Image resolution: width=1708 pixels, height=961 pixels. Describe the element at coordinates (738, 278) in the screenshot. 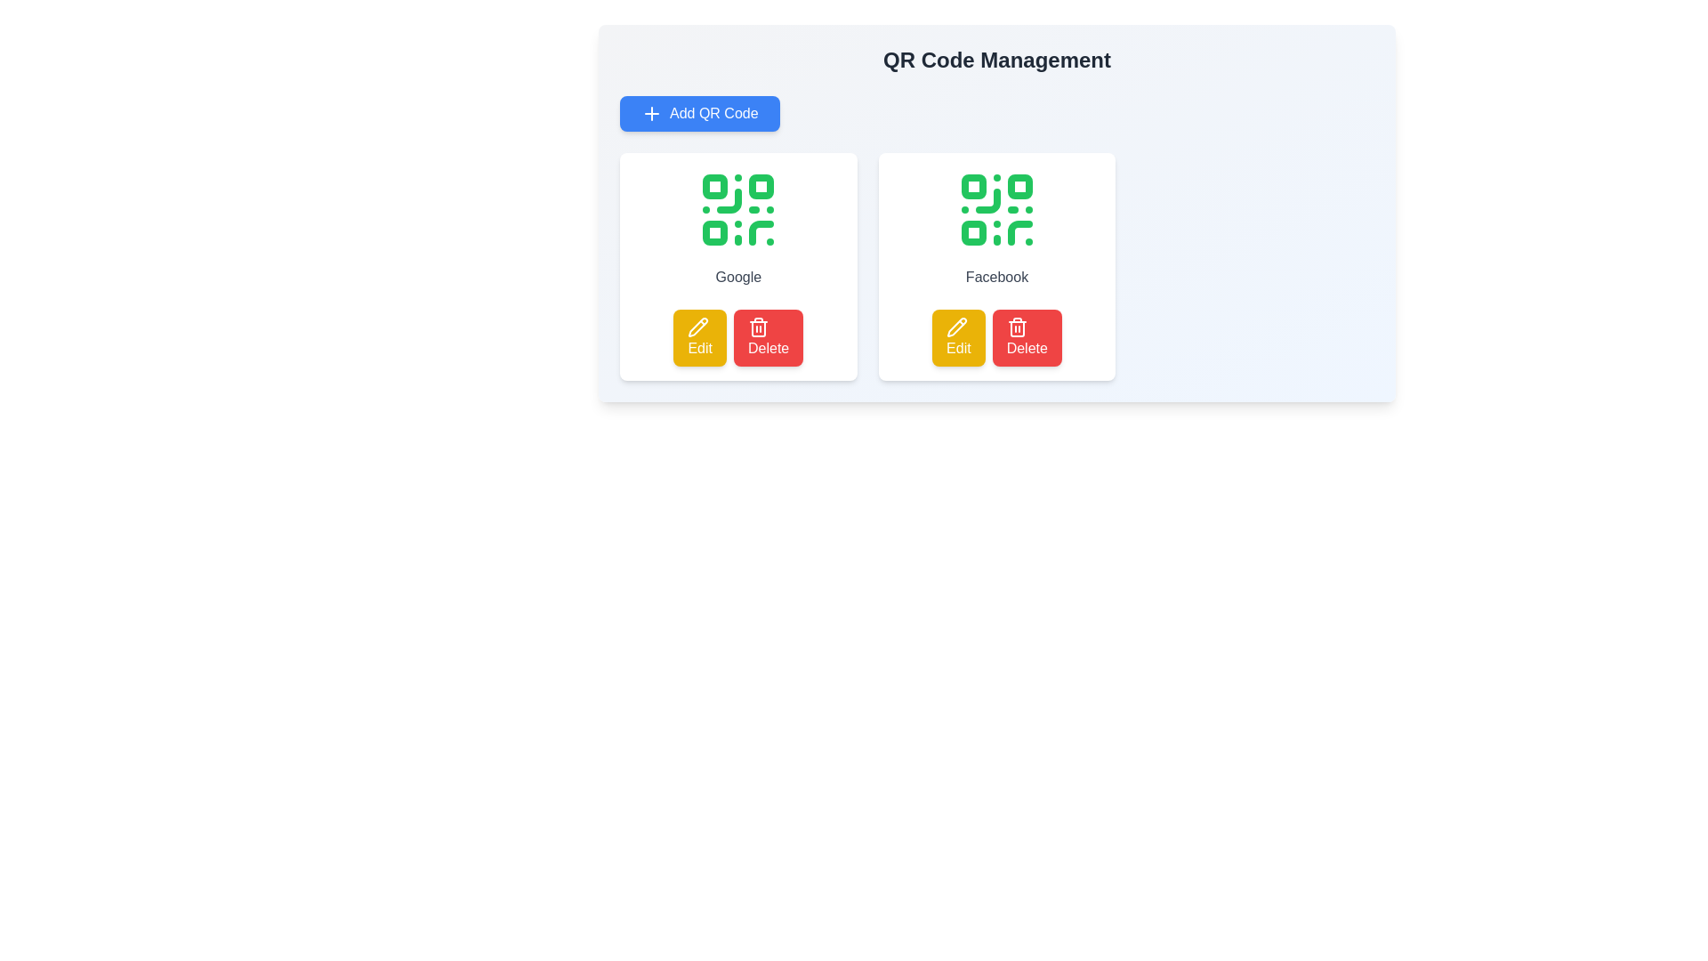

I see `'Google' label located in the top-left quadrant of the user interface, positioned beneath the green QR code icon and above the 'Edit' and 'Delete' buttons` at that location.